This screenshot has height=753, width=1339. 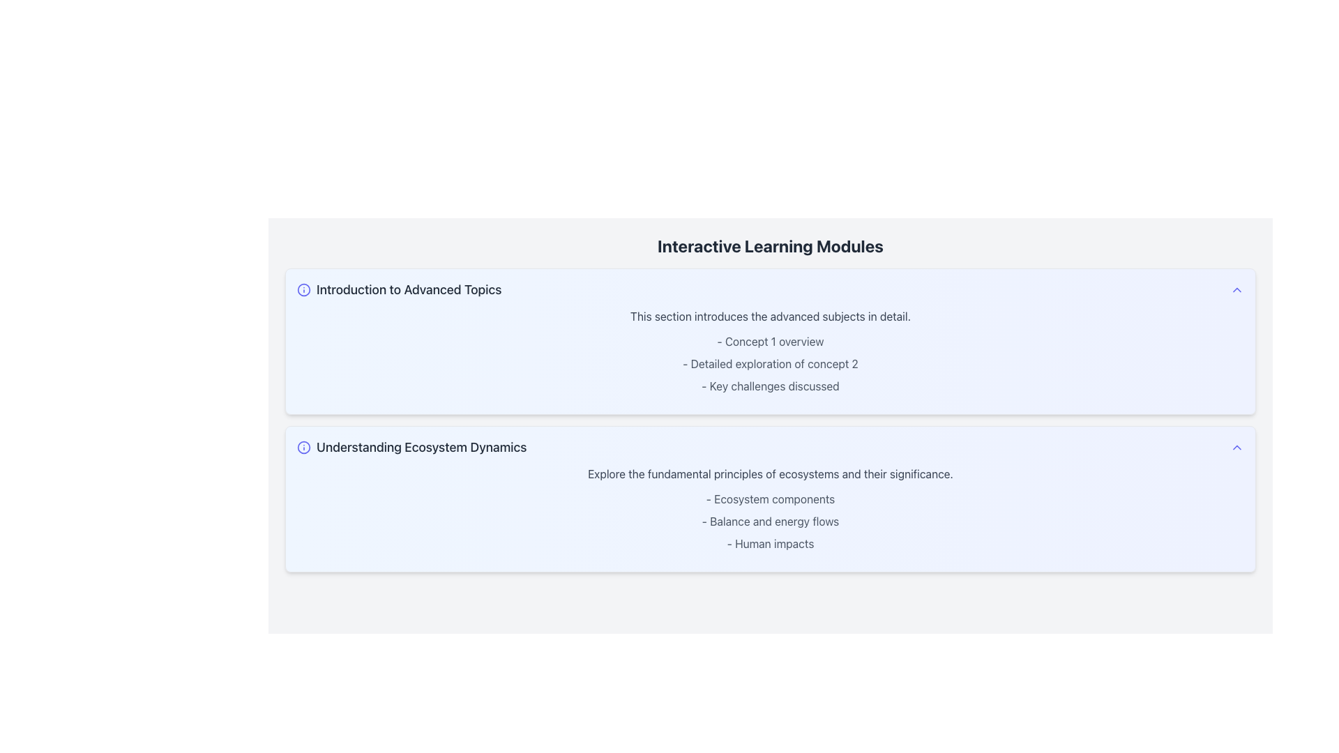 What do you see at coordinates (769, 341) in the screenshot?
I see `the Text Display element that provides an overview related to 'Concept 1' in the 'Introduction to Advanced Topics' section` at bounding box center [769, 341].